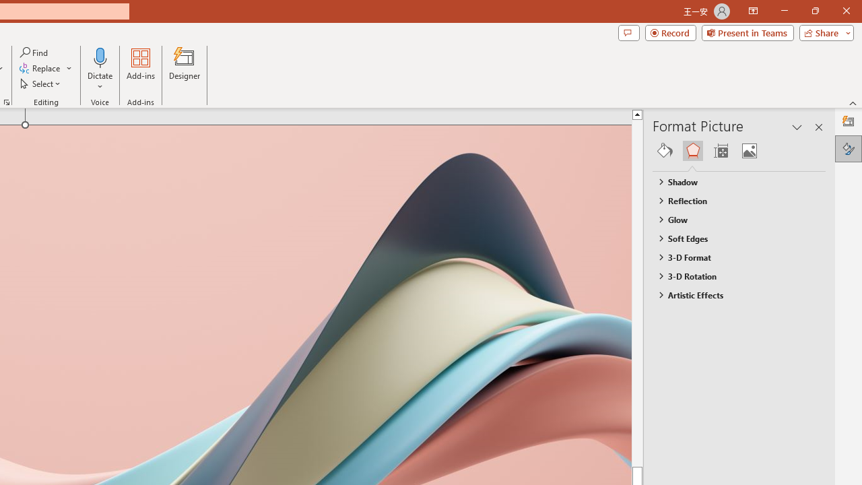 This screenshot has width=862, height=485. What do you see at coordinates (818, 127) in the screenshot?
I see `'Close pane'` at bounding box center [818, 127].